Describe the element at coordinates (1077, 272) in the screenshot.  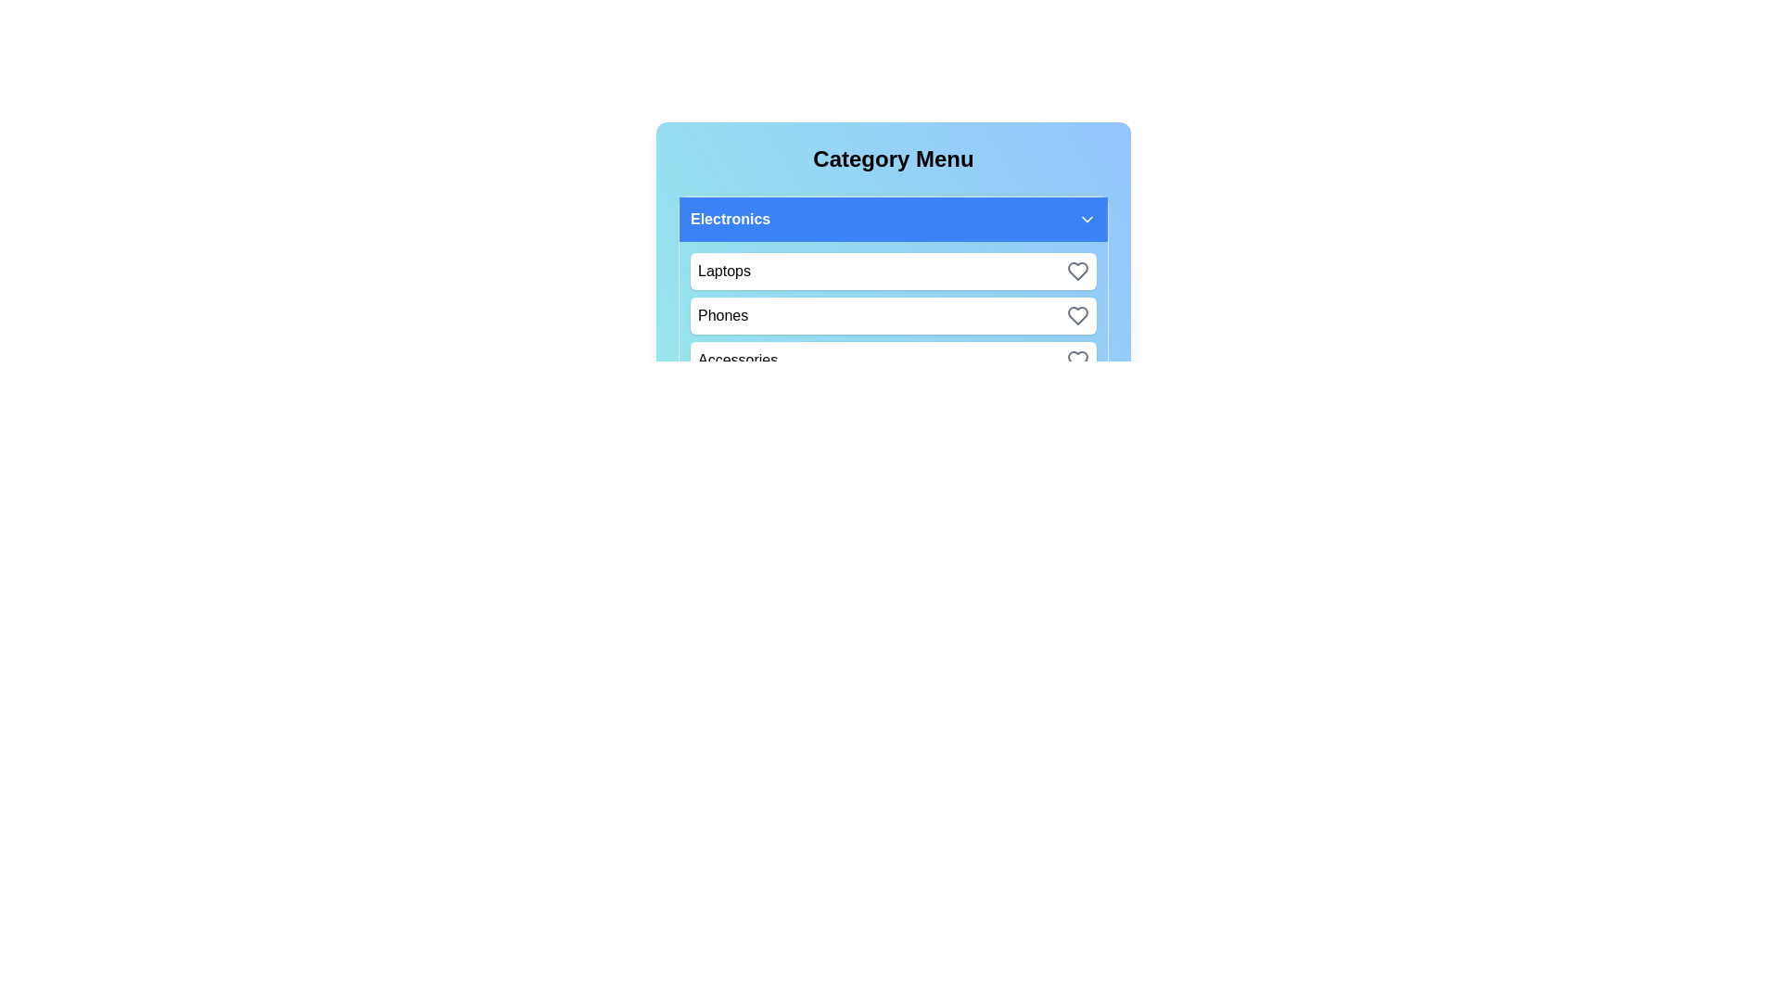
I see `the heart-shaped icon representing the favorite feature located to the far right of the 'Laptops' option in the 'Electronics' category menu` at that location.